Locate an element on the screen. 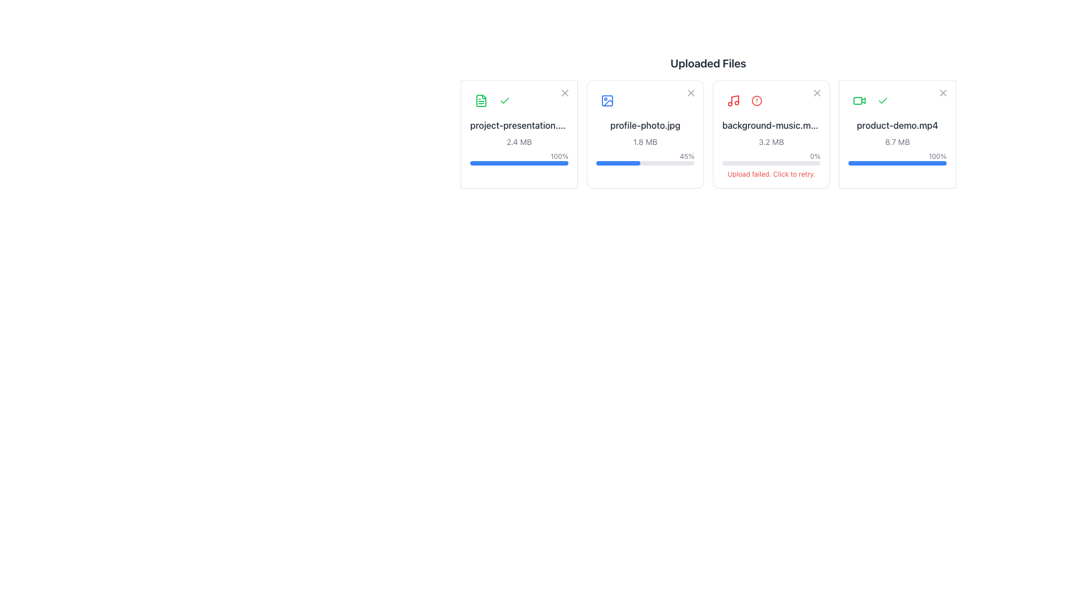 This screenshot has height=602, width=1071. the error message 'Upload failed. Click to retry.' located at the bottom of the card representing the uploaded file 'background-music.mp3' to reattempt the upload is located at coordinates (770, 133).